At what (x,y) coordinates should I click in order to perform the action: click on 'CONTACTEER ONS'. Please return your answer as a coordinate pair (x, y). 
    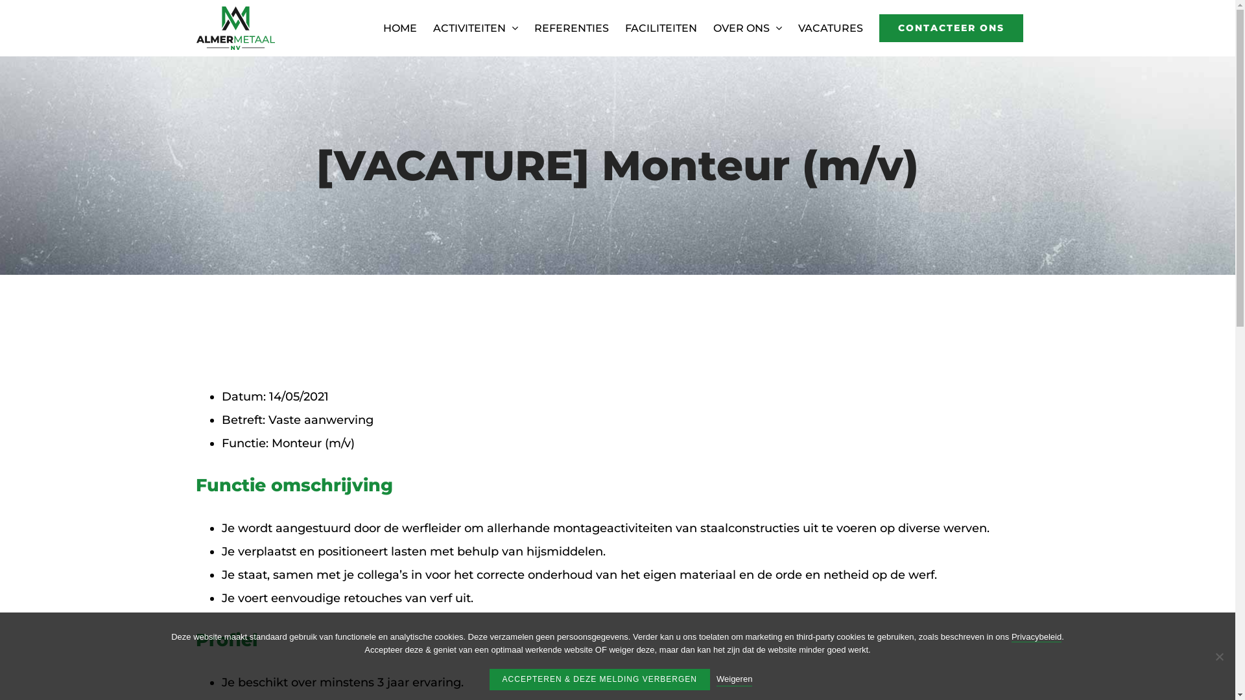
    Looking at the image, I should click on (951, 28).